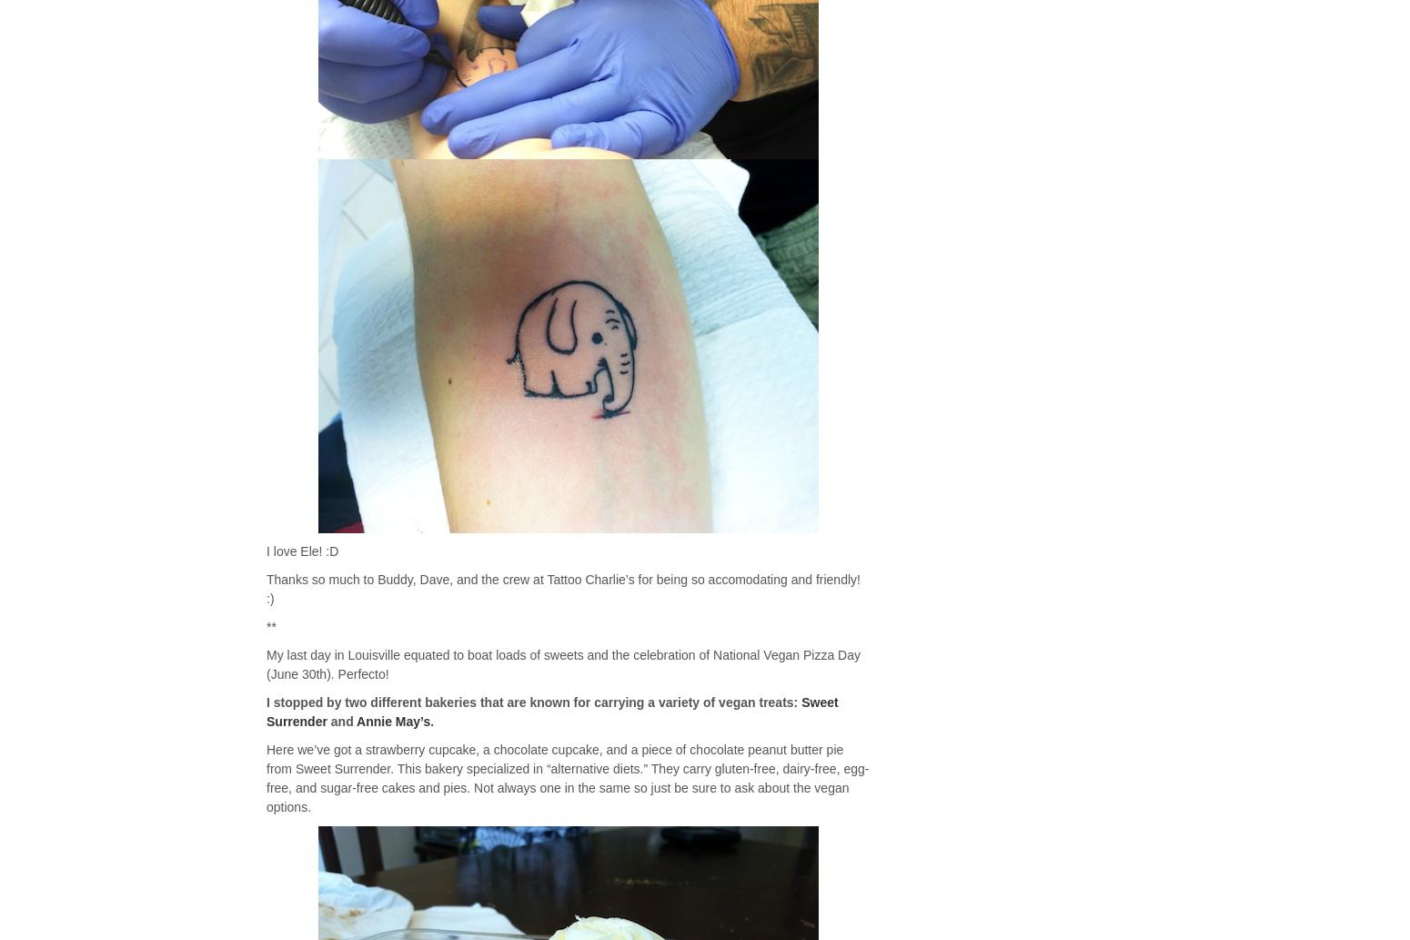 The height and width of the screenshot is (940, 1410). What do you see at coordinates (271, 627) in the screenshot?
I see `'**'` at bounding box center [271, 627].